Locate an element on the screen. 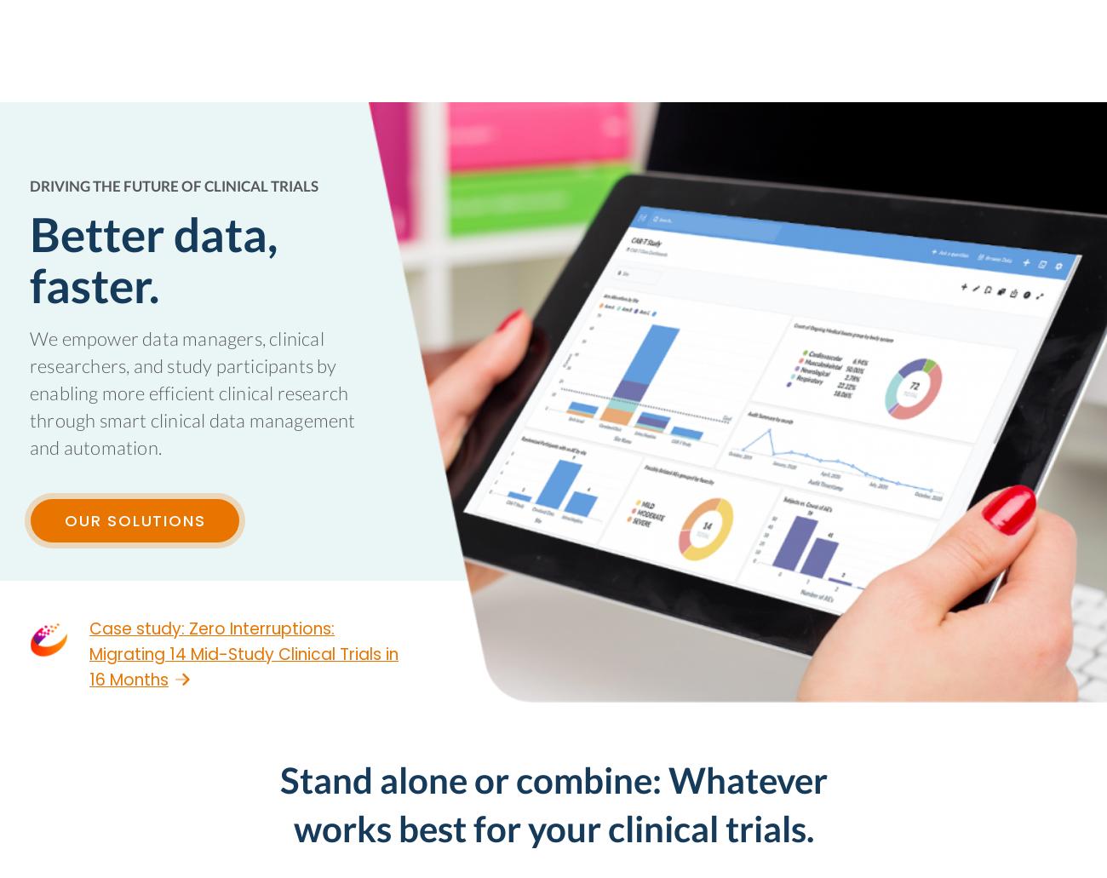  'Last Name' is located at coordinates (324, 589).